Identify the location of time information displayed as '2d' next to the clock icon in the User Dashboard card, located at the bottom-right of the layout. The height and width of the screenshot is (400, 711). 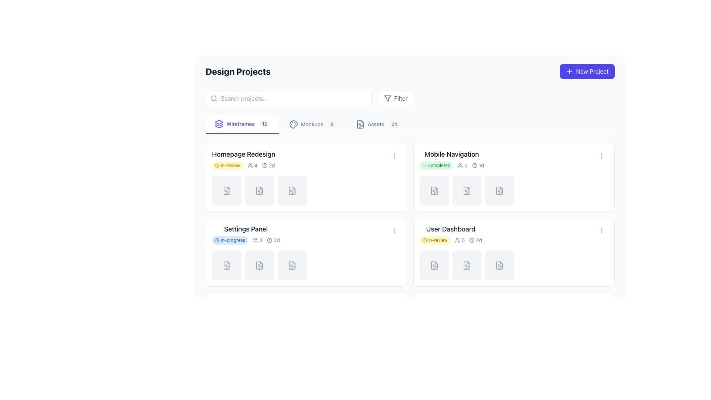
(475, 240).